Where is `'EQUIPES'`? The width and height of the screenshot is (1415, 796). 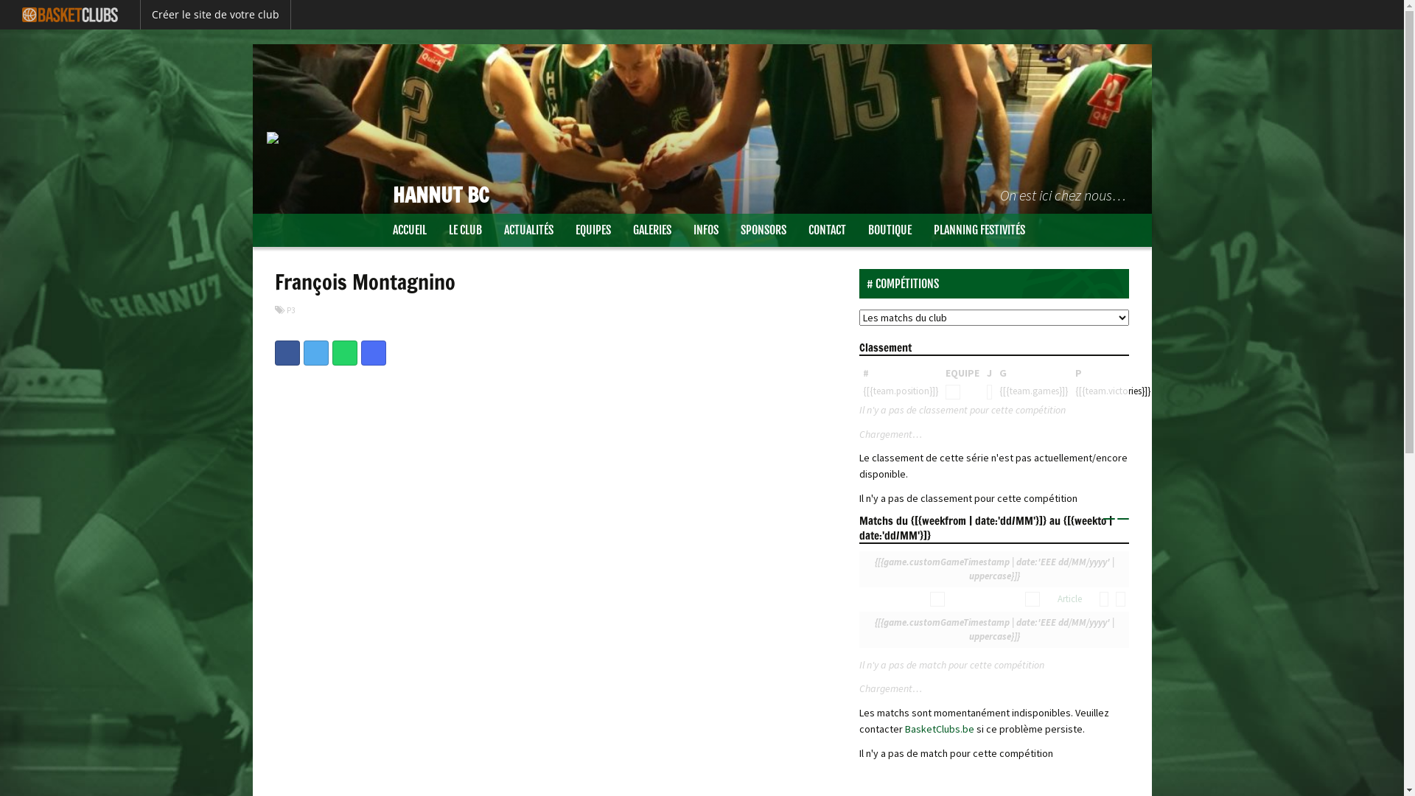 'EQUIPES' is located at coordinates (593, 230).